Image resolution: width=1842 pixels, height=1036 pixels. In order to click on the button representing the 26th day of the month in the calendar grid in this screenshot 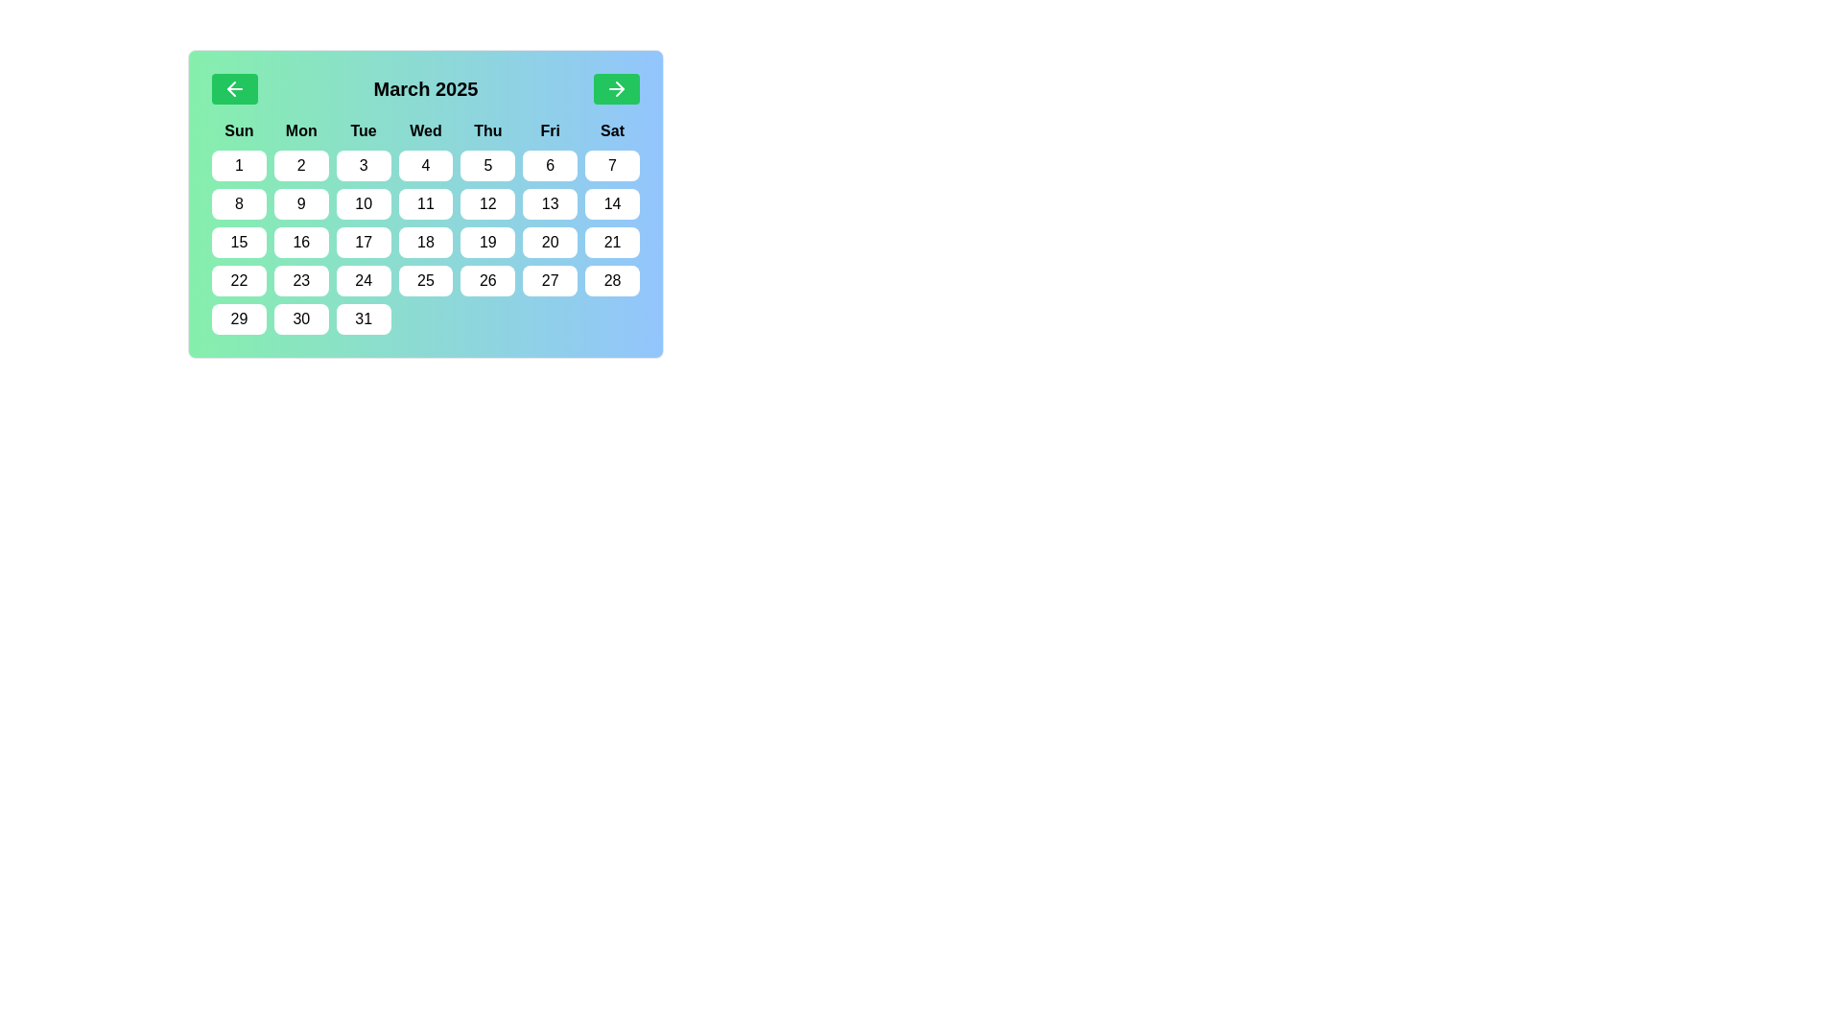, I will do `click(487, 281)`.